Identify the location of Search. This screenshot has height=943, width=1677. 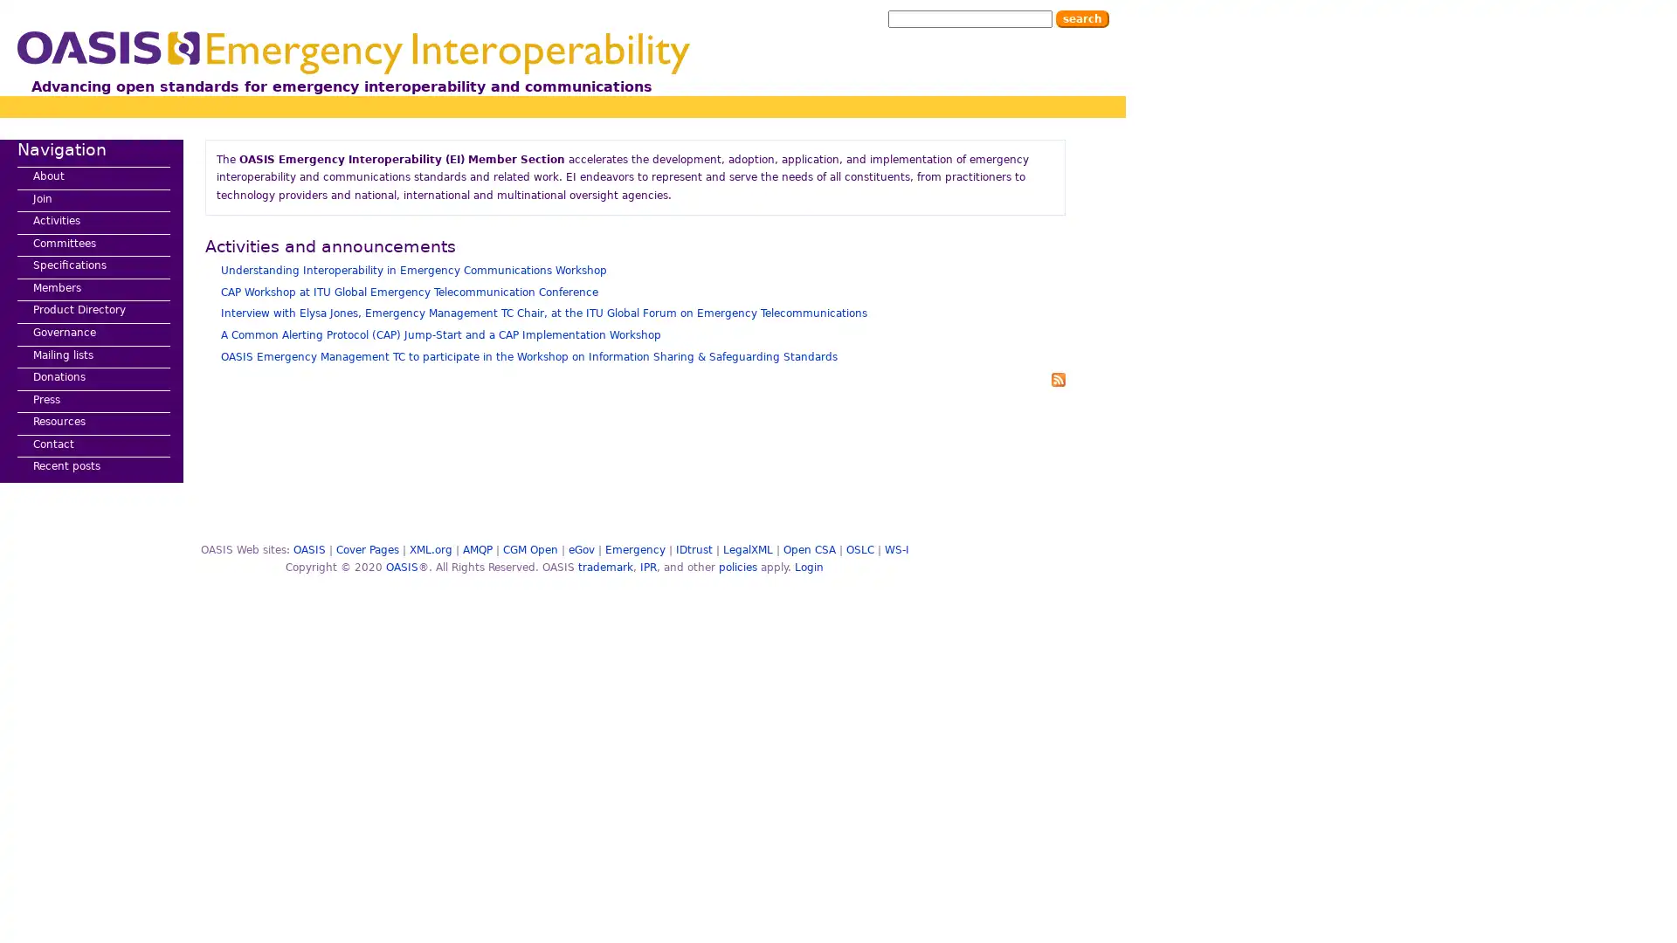
(1081, 19).